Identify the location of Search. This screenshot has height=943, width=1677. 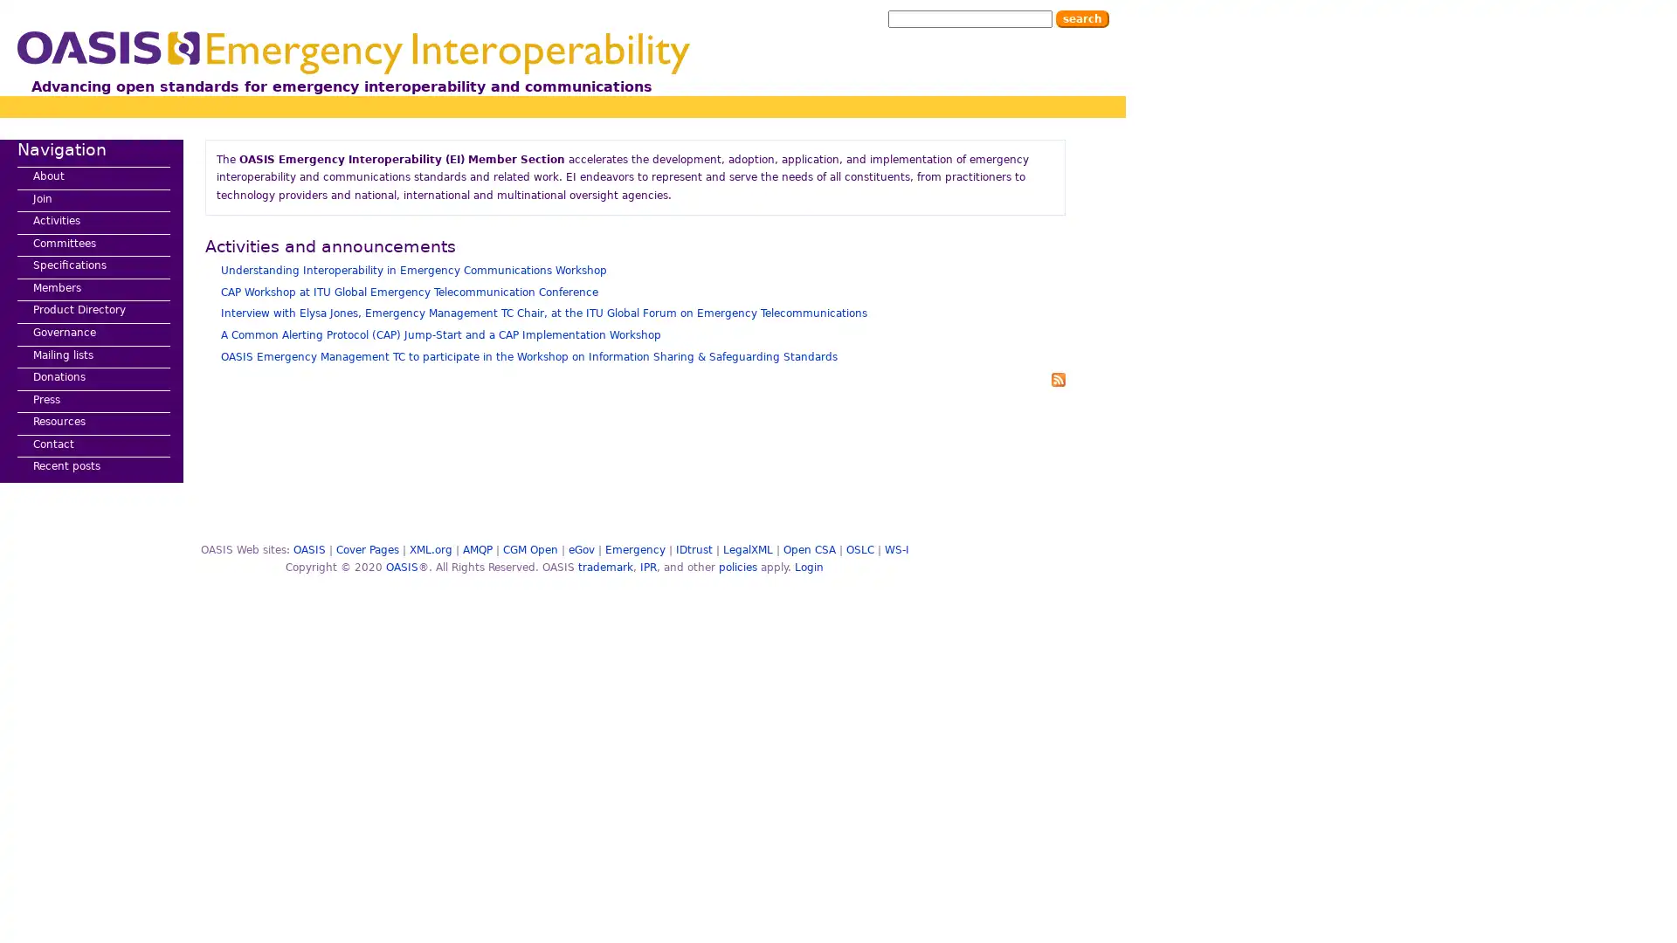
(1081, 19).